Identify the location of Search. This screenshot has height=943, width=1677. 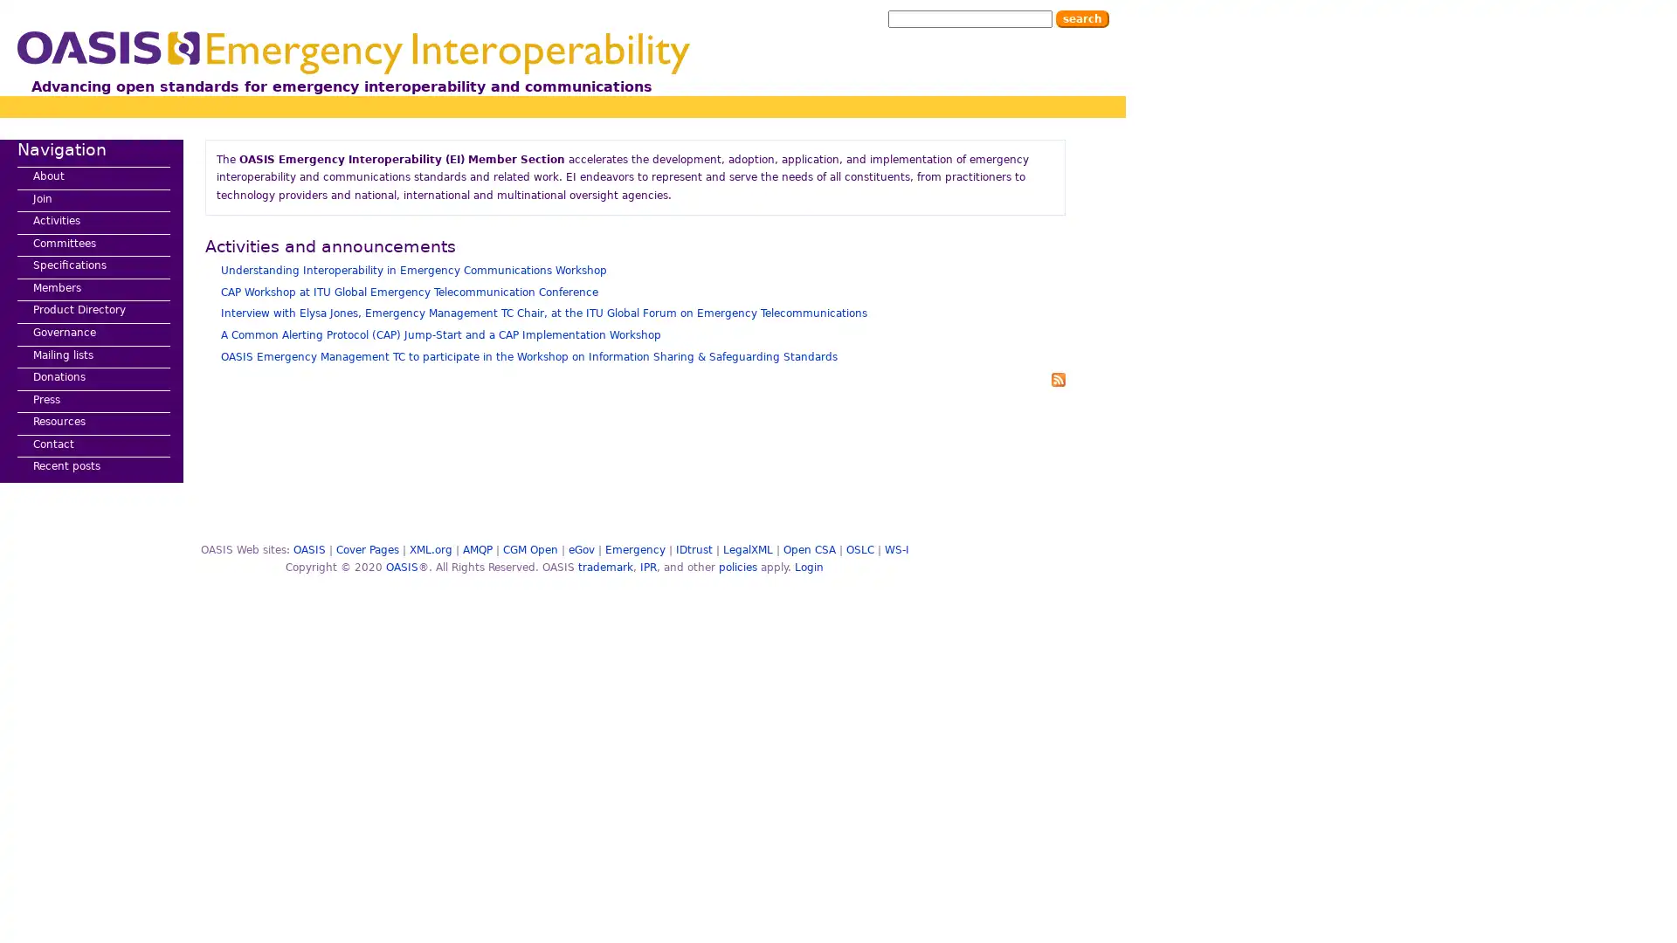
(1081, 19).